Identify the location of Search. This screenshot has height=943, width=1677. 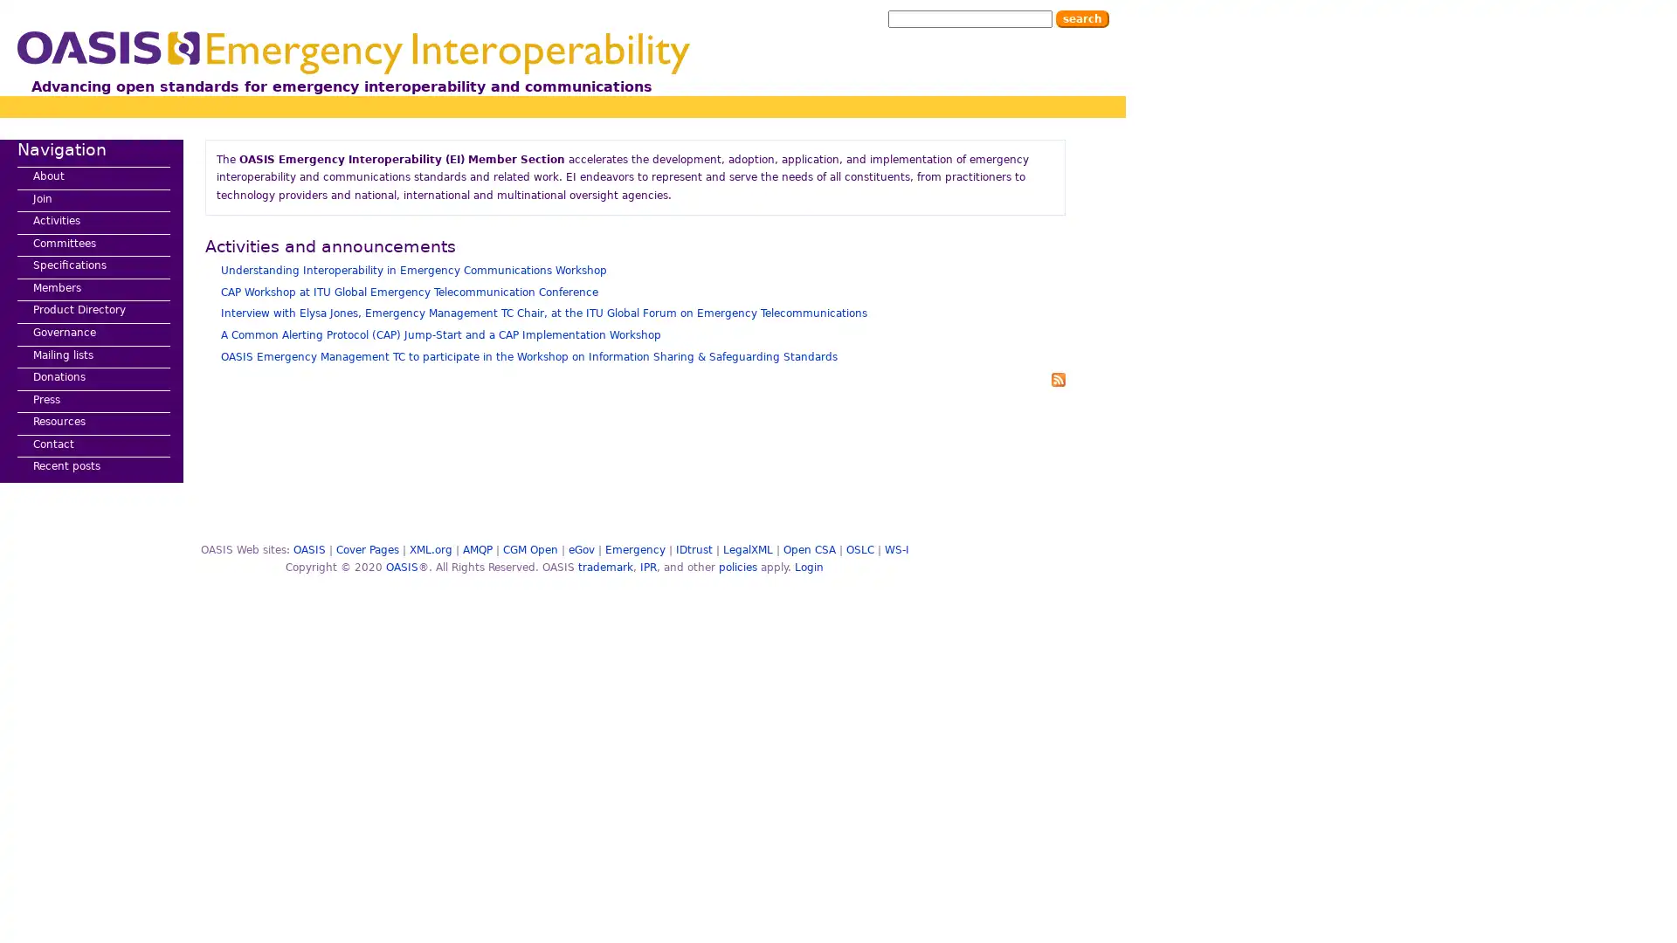
(1081, 19).